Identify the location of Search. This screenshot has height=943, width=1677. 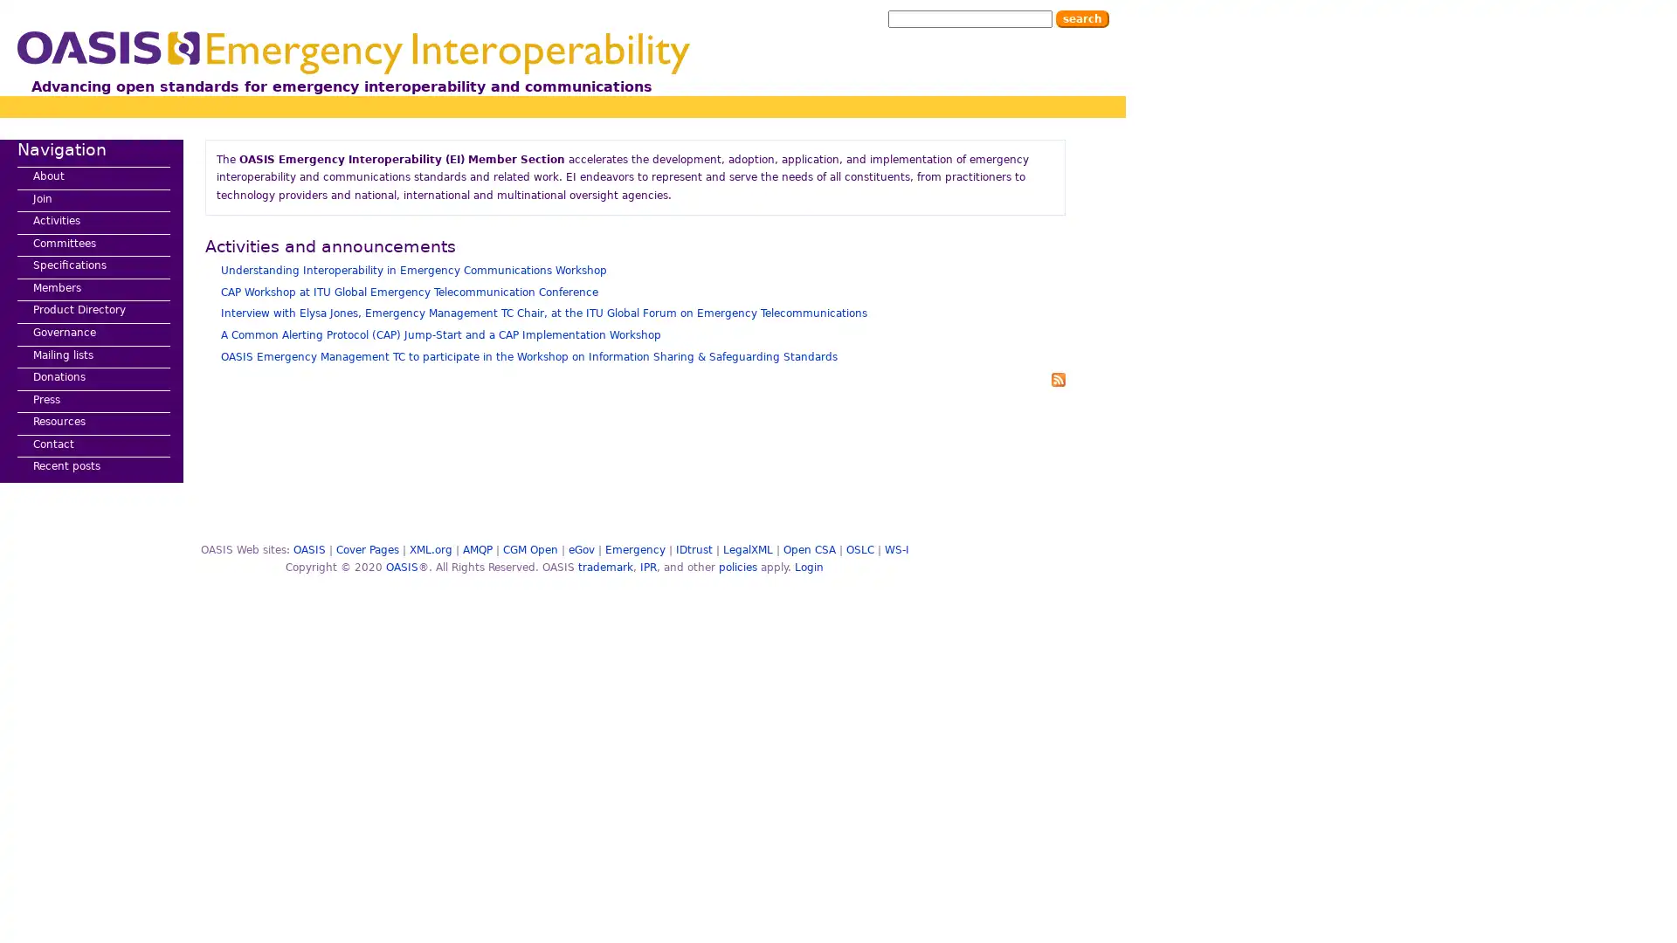
(1081, 19).